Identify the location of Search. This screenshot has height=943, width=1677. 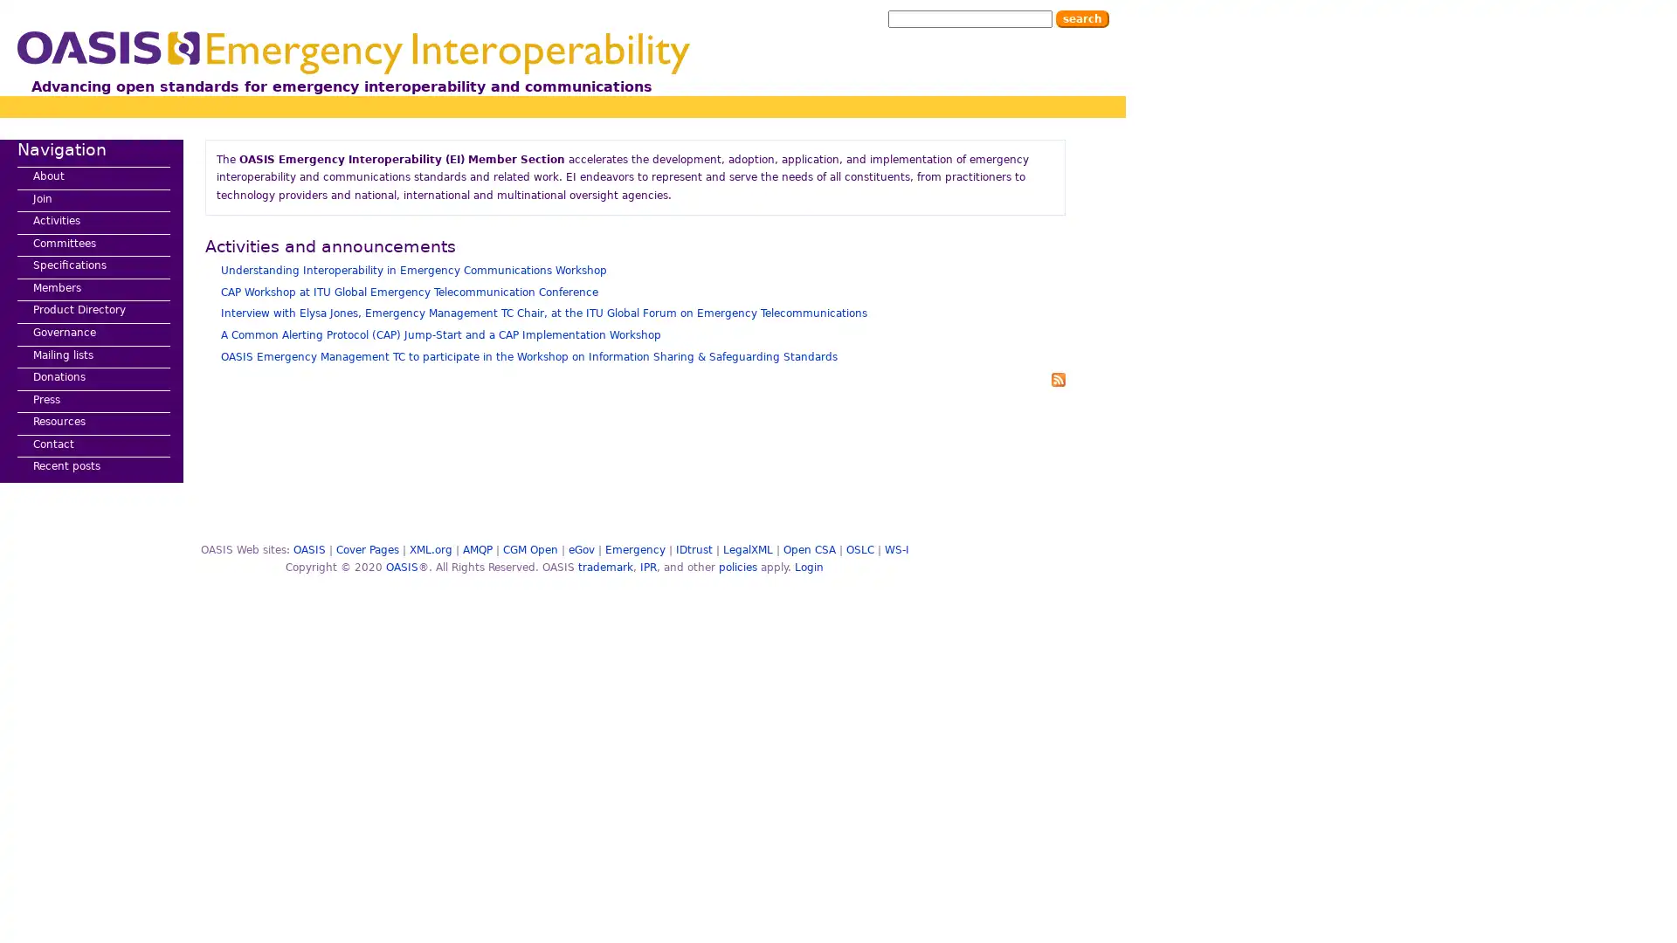
(1081, 19).